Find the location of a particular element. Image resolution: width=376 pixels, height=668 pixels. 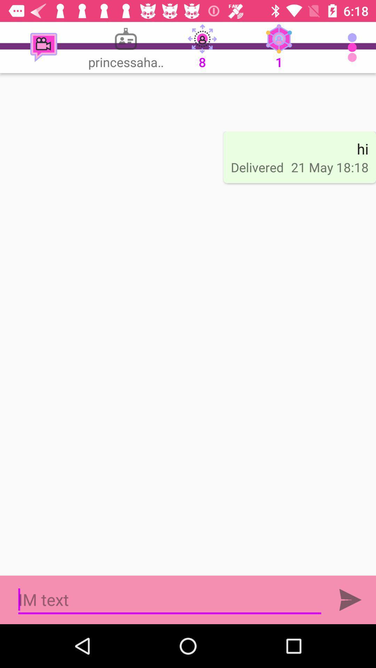

send message is located at coordinates (350, 599).